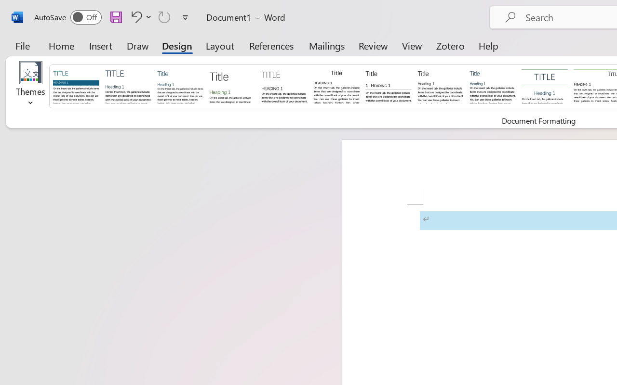 The height and width of the screenshot is (385, 617). What do you see at coordinates (545, 85) in the screenshot?
I see `'Centered'` at bounding box center [545, 85].